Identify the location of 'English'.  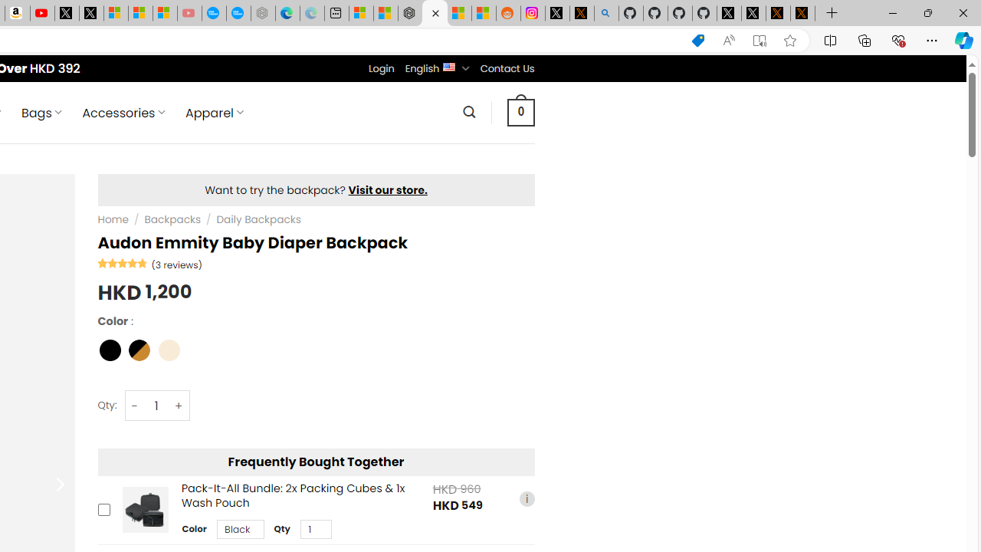
(448, 65).